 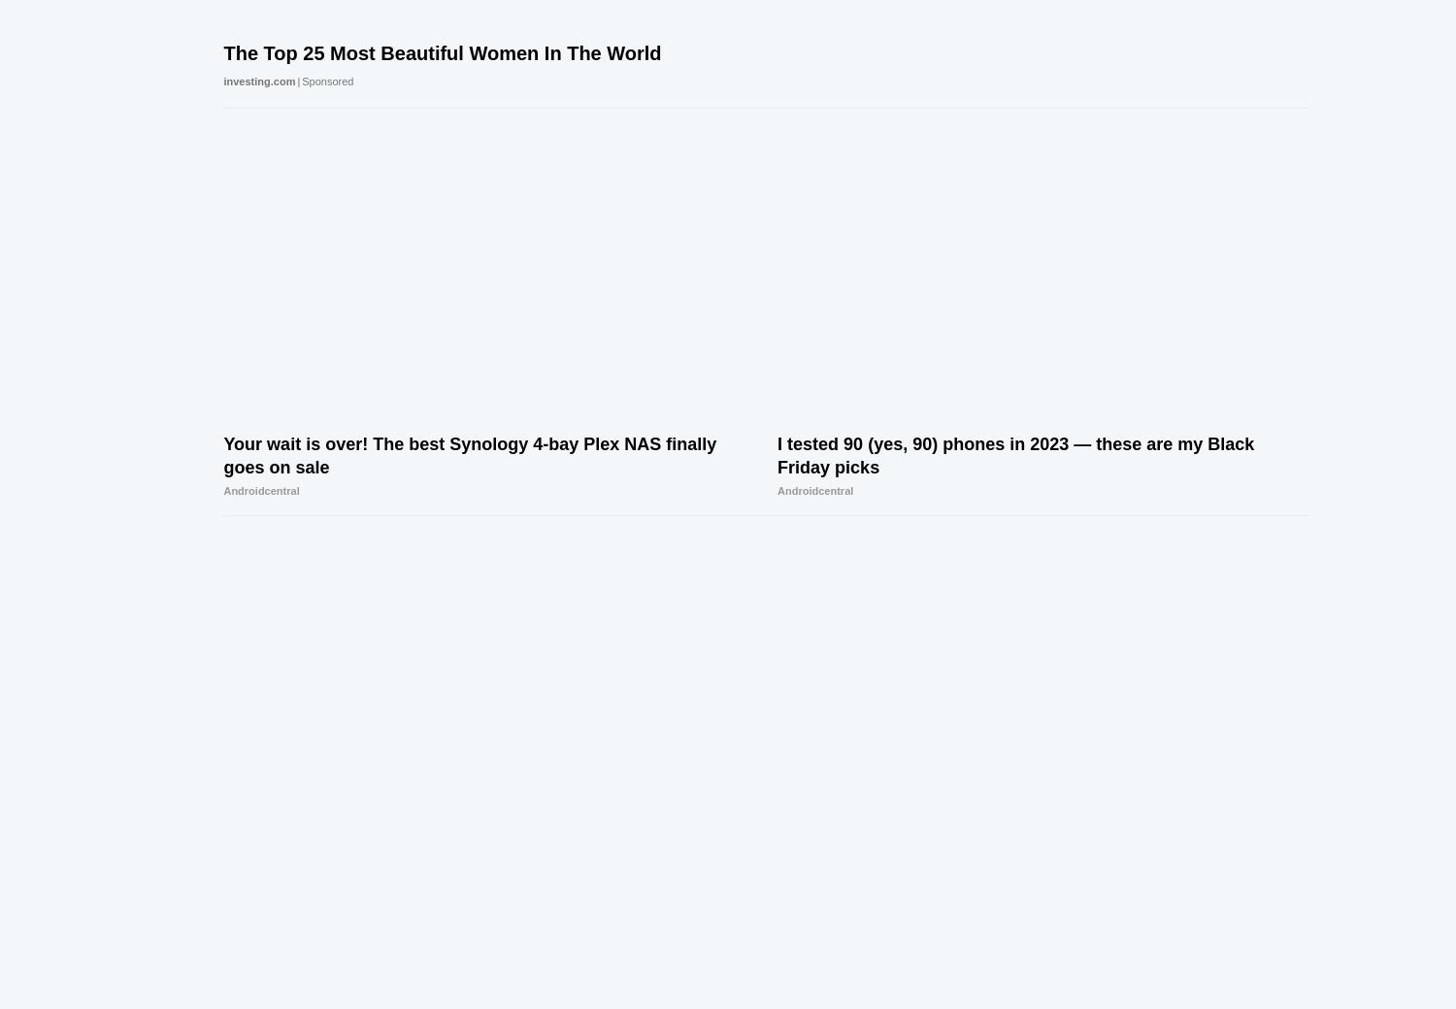 What do you see at coordinates (1247, 904) in the screenshot?
I see `'AndroidCentral'` at bounding box center [1247, 904].